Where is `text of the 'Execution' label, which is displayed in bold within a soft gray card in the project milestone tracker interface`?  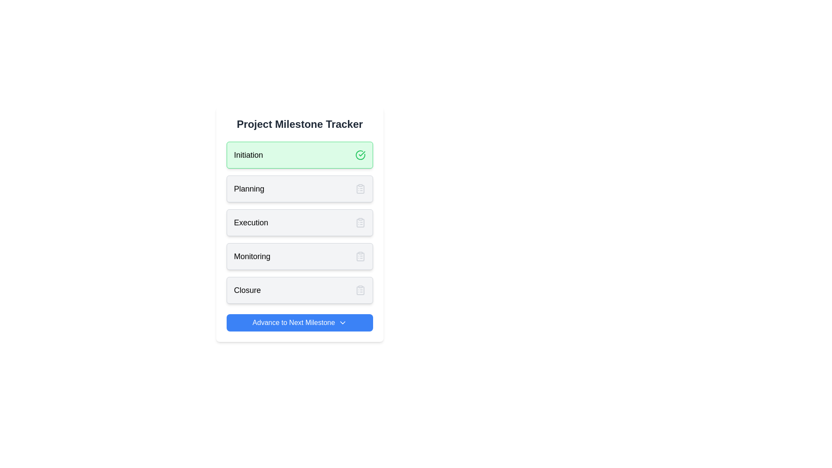
text of the 'Execution' label, which is displayed in bold within a soft gray card in the project milestone tracker interface is located at coordinates (250, 222).